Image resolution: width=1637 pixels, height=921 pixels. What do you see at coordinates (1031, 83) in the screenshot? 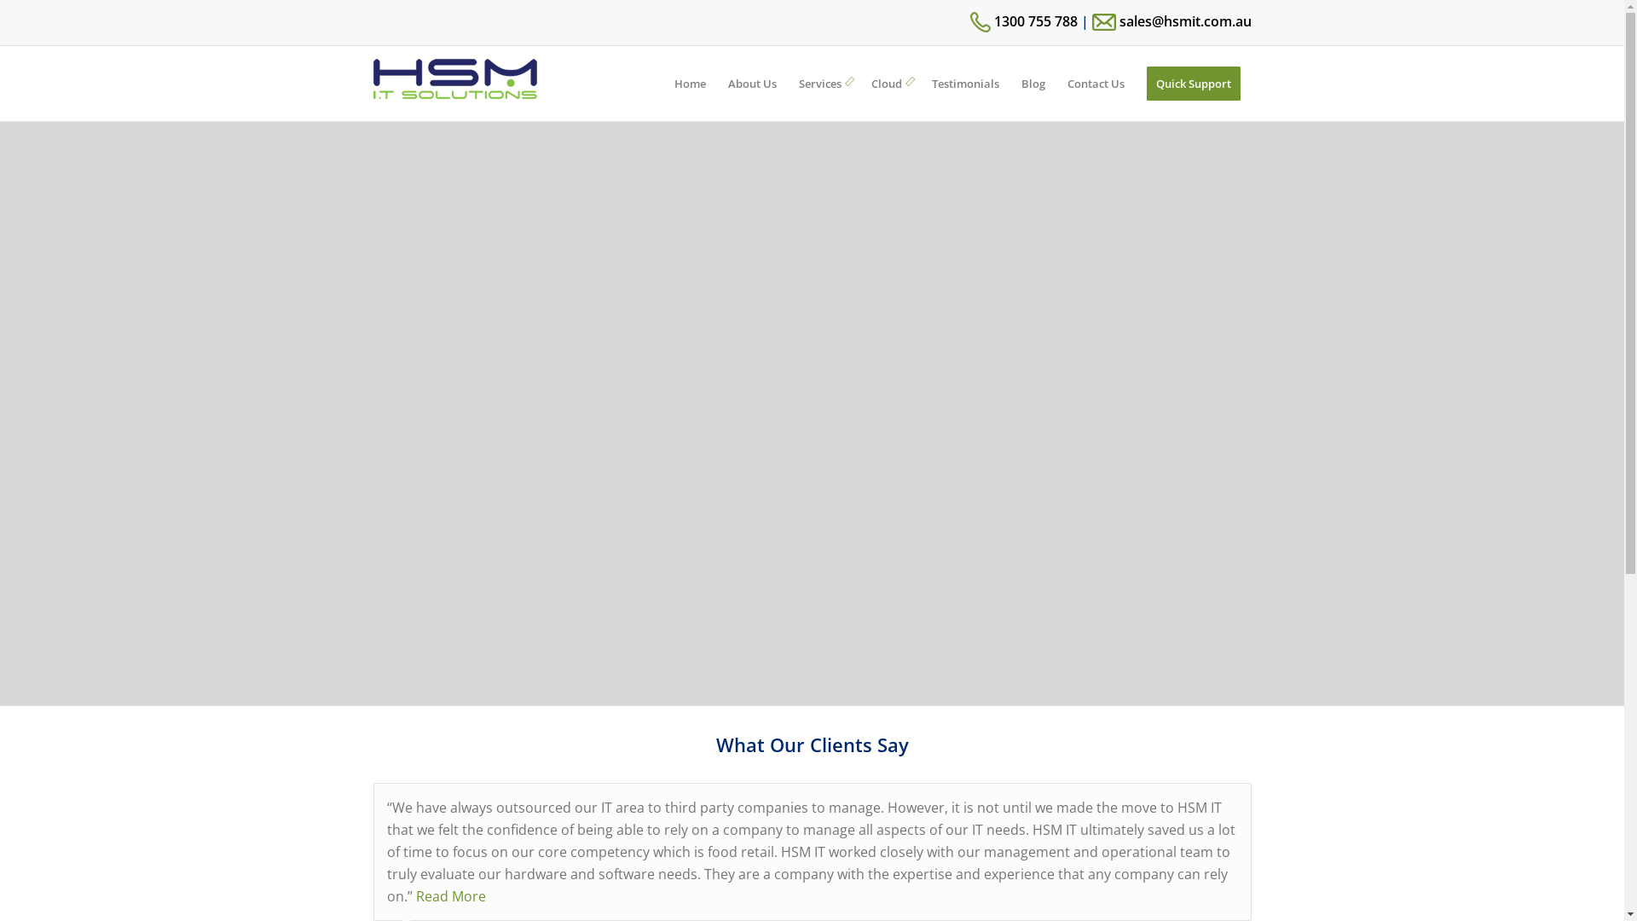
I see `'Blog'` at bounding box center [1031, 83].